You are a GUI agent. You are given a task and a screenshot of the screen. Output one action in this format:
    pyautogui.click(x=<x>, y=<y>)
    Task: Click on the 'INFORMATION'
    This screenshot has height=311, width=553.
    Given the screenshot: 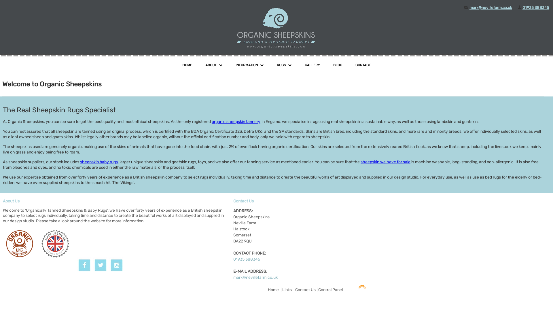 What is the action you would take?
    pyautogui.click(x=249, y=65)
    